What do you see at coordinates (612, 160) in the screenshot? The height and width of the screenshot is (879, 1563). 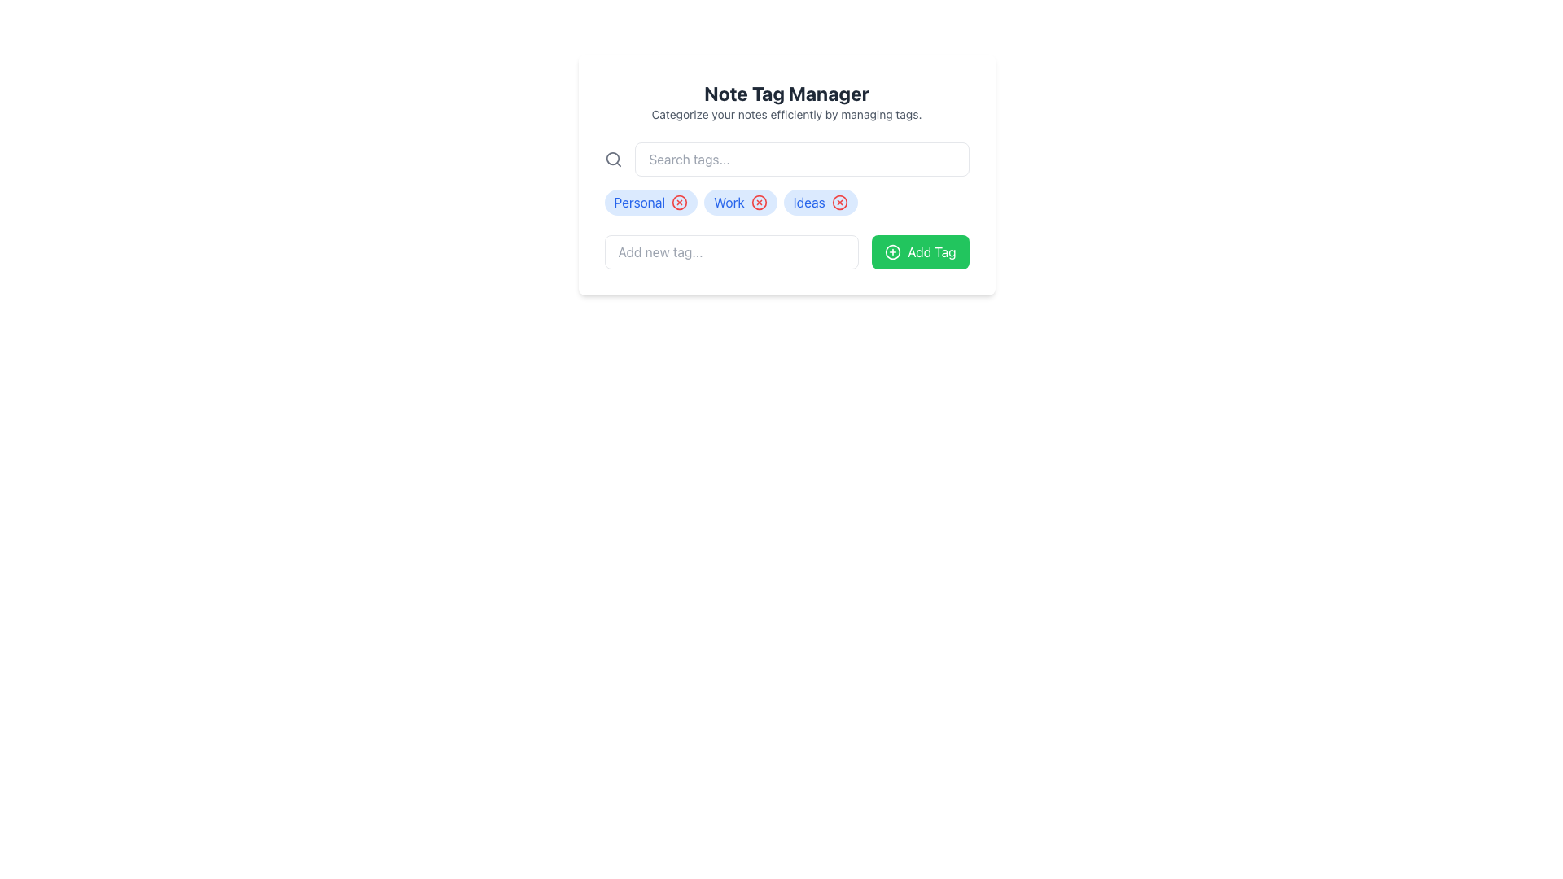 I see `the magnifying glass icon with a gray stroke, located to the left of the 'Search tags...' input field` at bounding box center [612, 160].